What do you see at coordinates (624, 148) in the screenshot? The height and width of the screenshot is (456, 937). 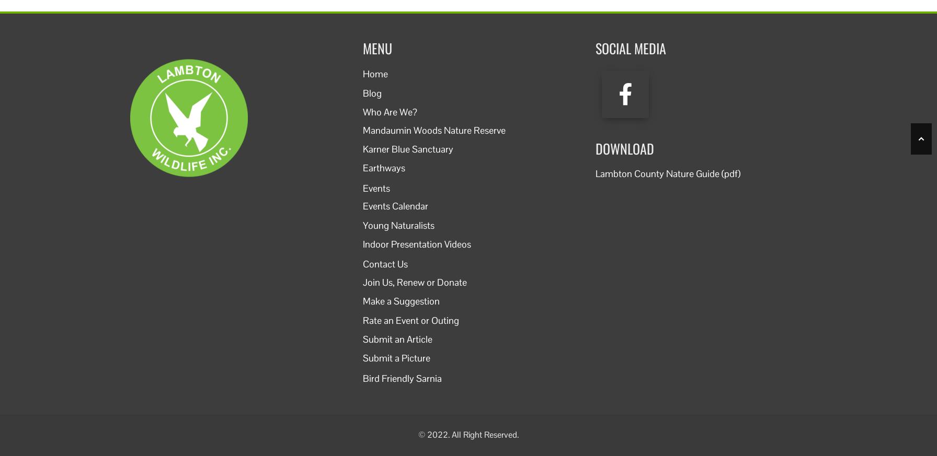 I see `'Download'` at bounding box center [624, 148].